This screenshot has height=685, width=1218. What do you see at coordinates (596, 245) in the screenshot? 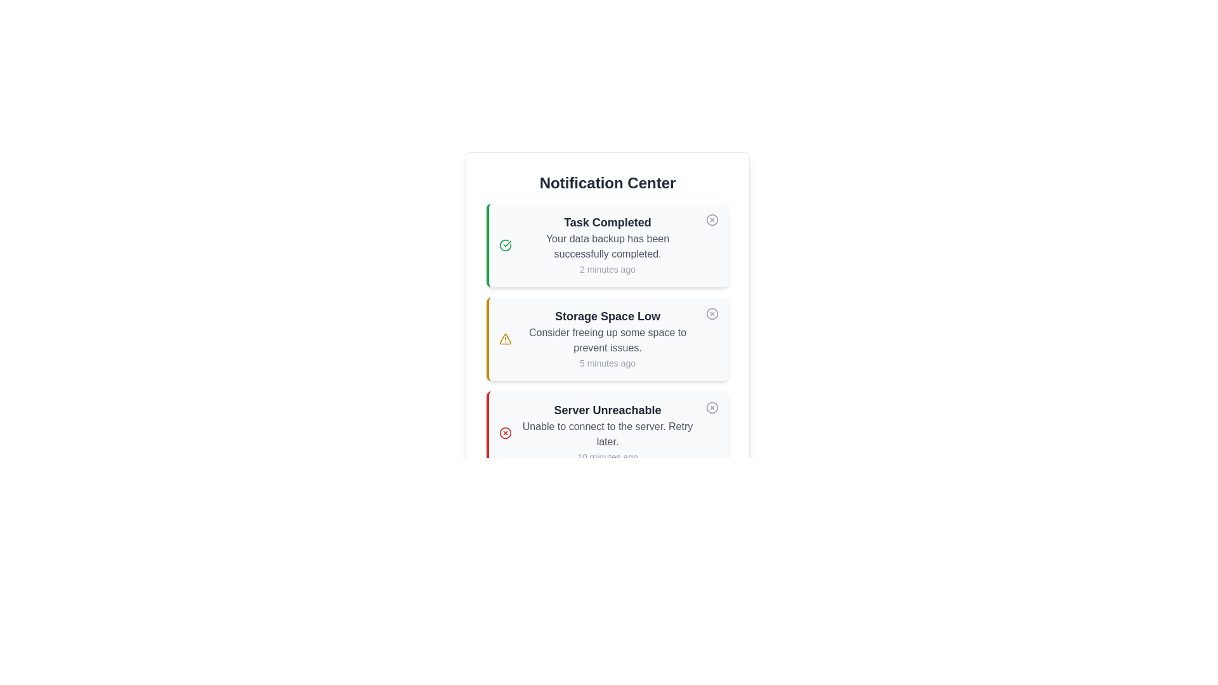
I see `the first notification card in the Notification Center, which has a distinct green left border indicating successful data backup completion` at bounding box center [596, 245].